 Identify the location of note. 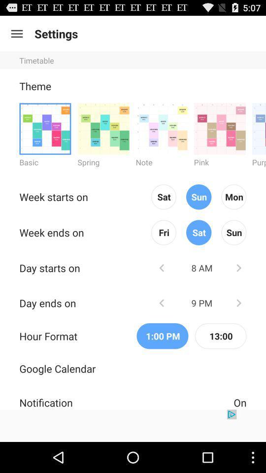
(162, 128).